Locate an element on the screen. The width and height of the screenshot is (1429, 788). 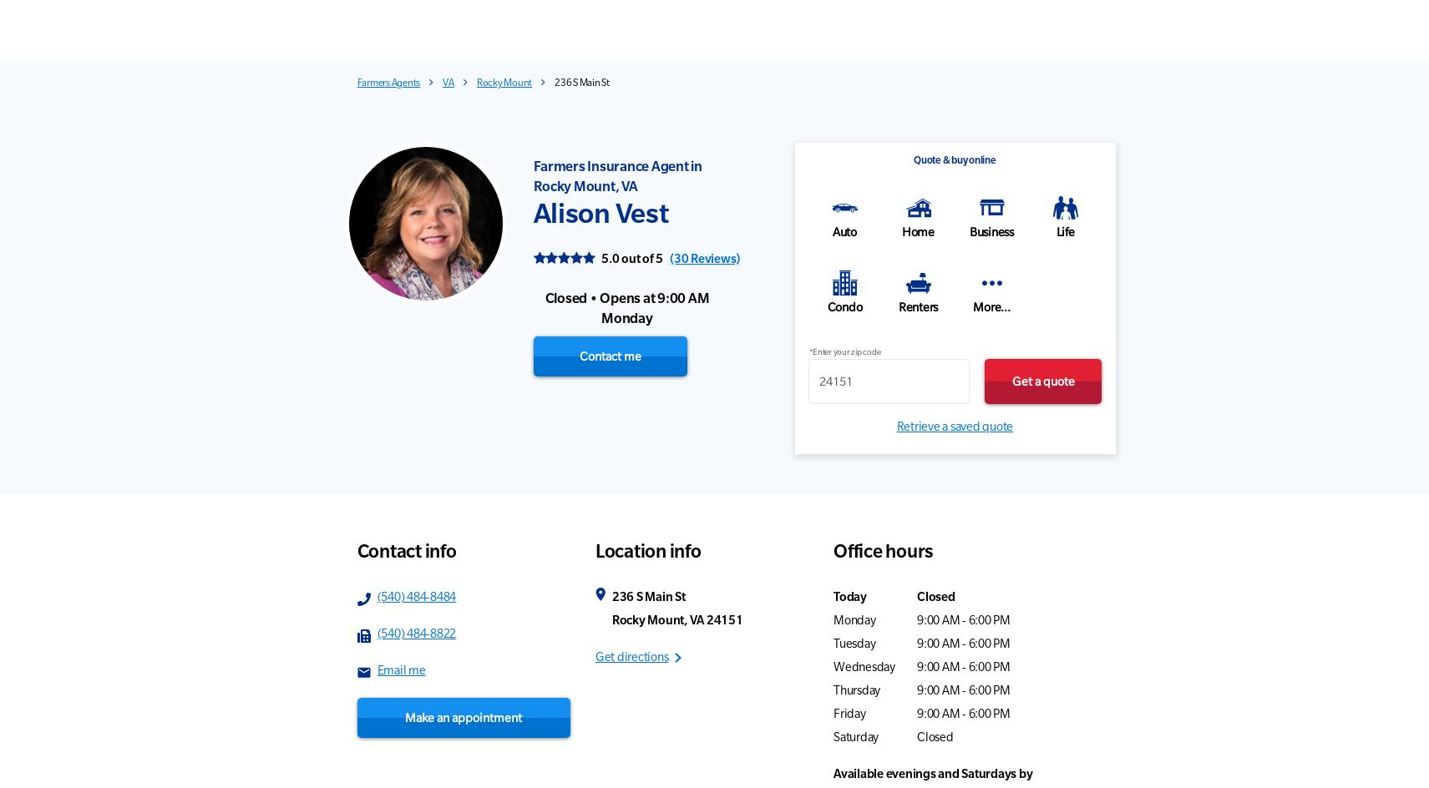
'Excellent' is located at coordinates (574, 401).